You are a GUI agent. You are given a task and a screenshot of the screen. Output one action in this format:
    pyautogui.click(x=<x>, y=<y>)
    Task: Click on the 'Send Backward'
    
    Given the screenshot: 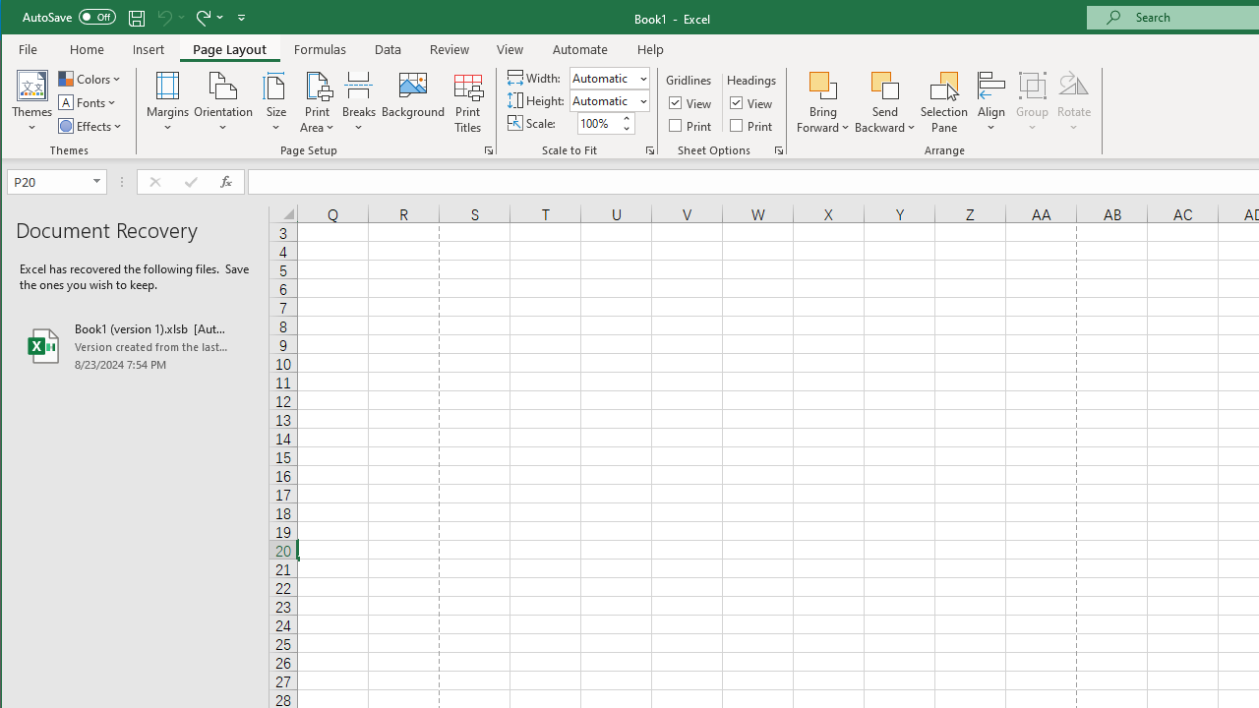 What is the action you would take?
    pyautogui.click(x=884, y=84)
    